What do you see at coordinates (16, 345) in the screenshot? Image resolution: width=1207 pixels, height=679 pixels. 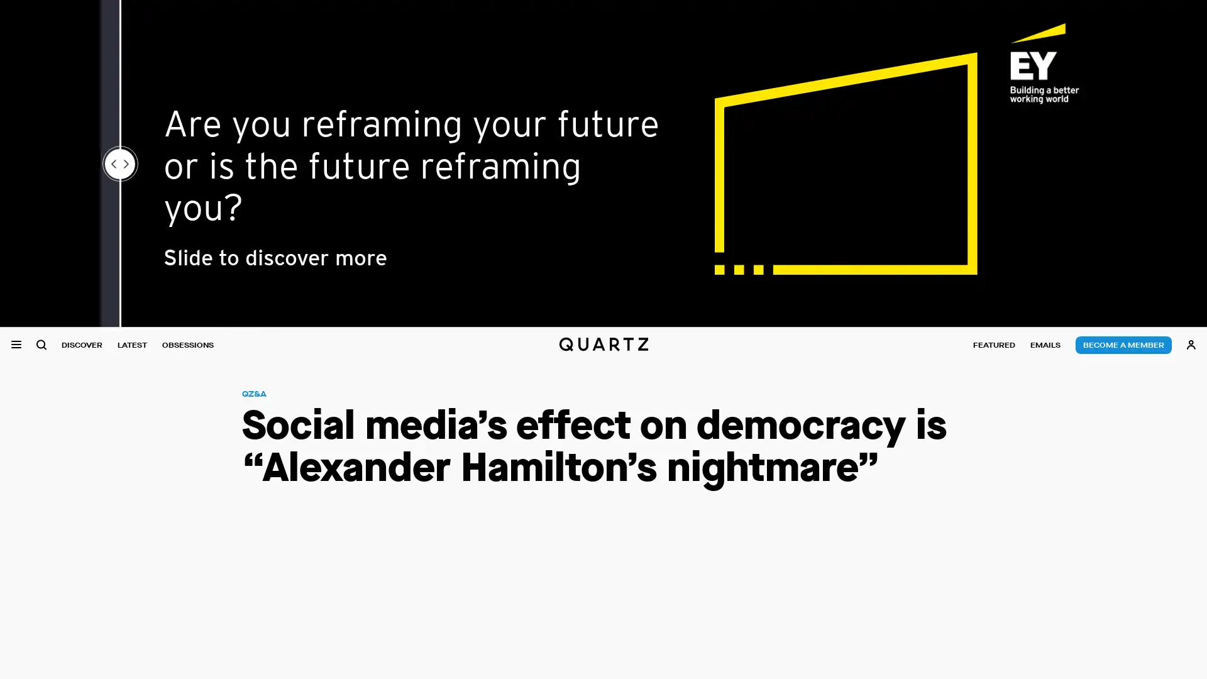 I see `Toggle menu` at bounding box center [16, 345].